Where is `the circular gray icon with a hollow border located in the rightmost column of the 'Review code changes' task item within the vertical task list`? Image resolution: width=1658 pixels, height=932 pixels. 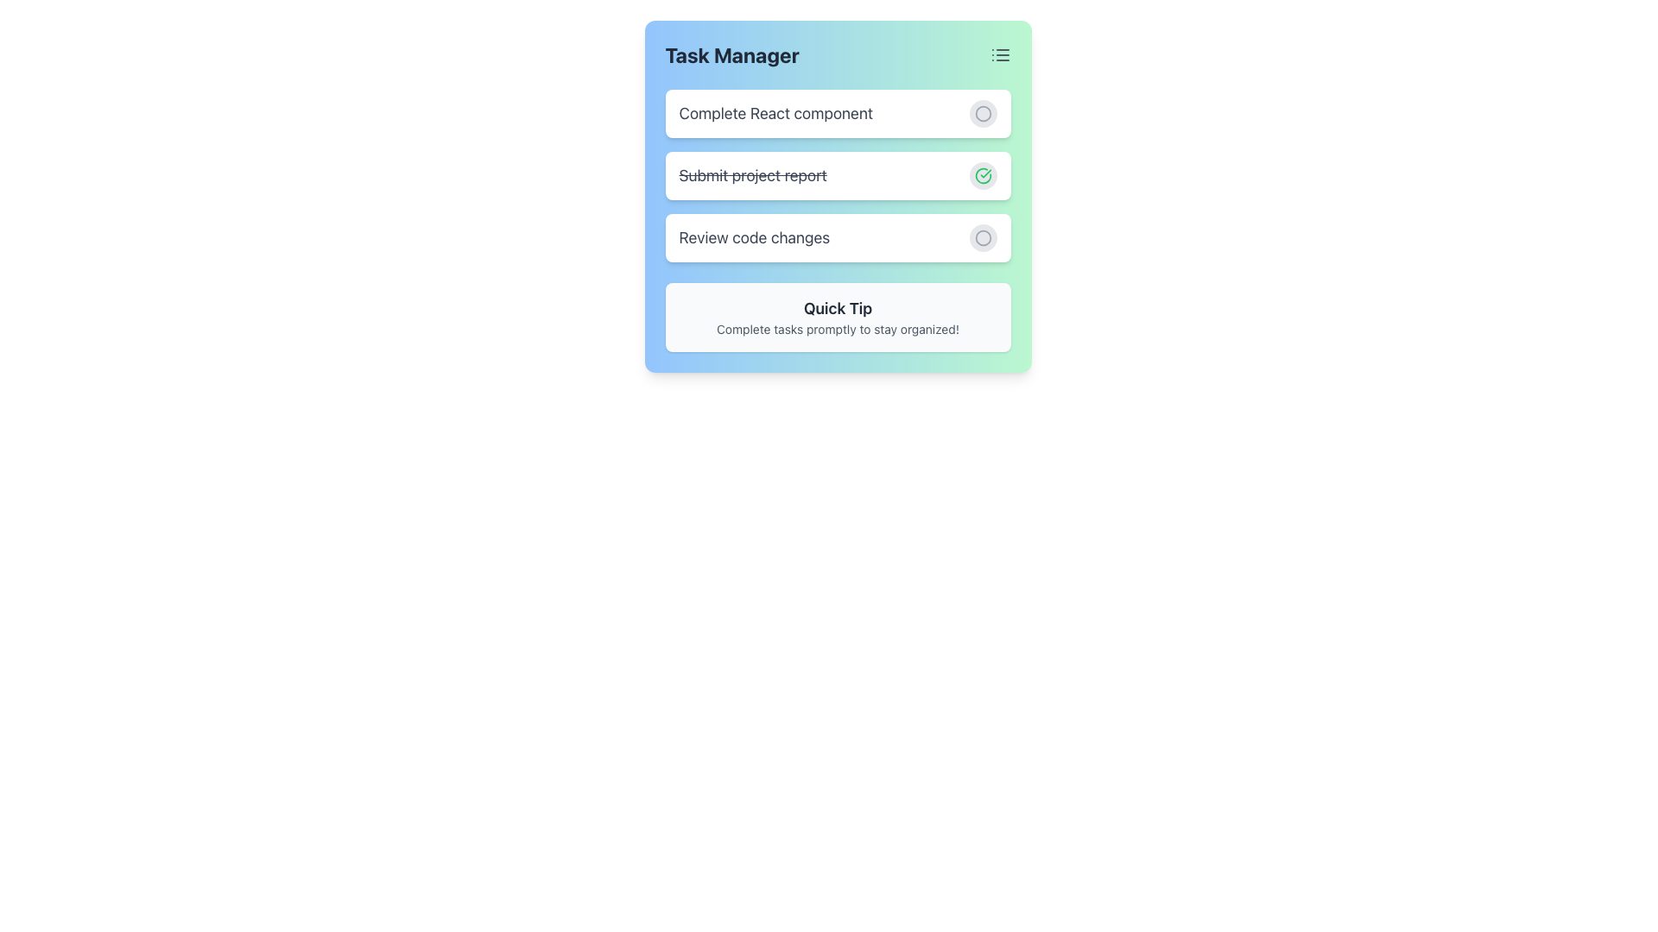 the circular gray icon with a hollow border located in the rightmost column of the 'Review code changes' task item within the vertical task list is located at coordinates (983, 238).